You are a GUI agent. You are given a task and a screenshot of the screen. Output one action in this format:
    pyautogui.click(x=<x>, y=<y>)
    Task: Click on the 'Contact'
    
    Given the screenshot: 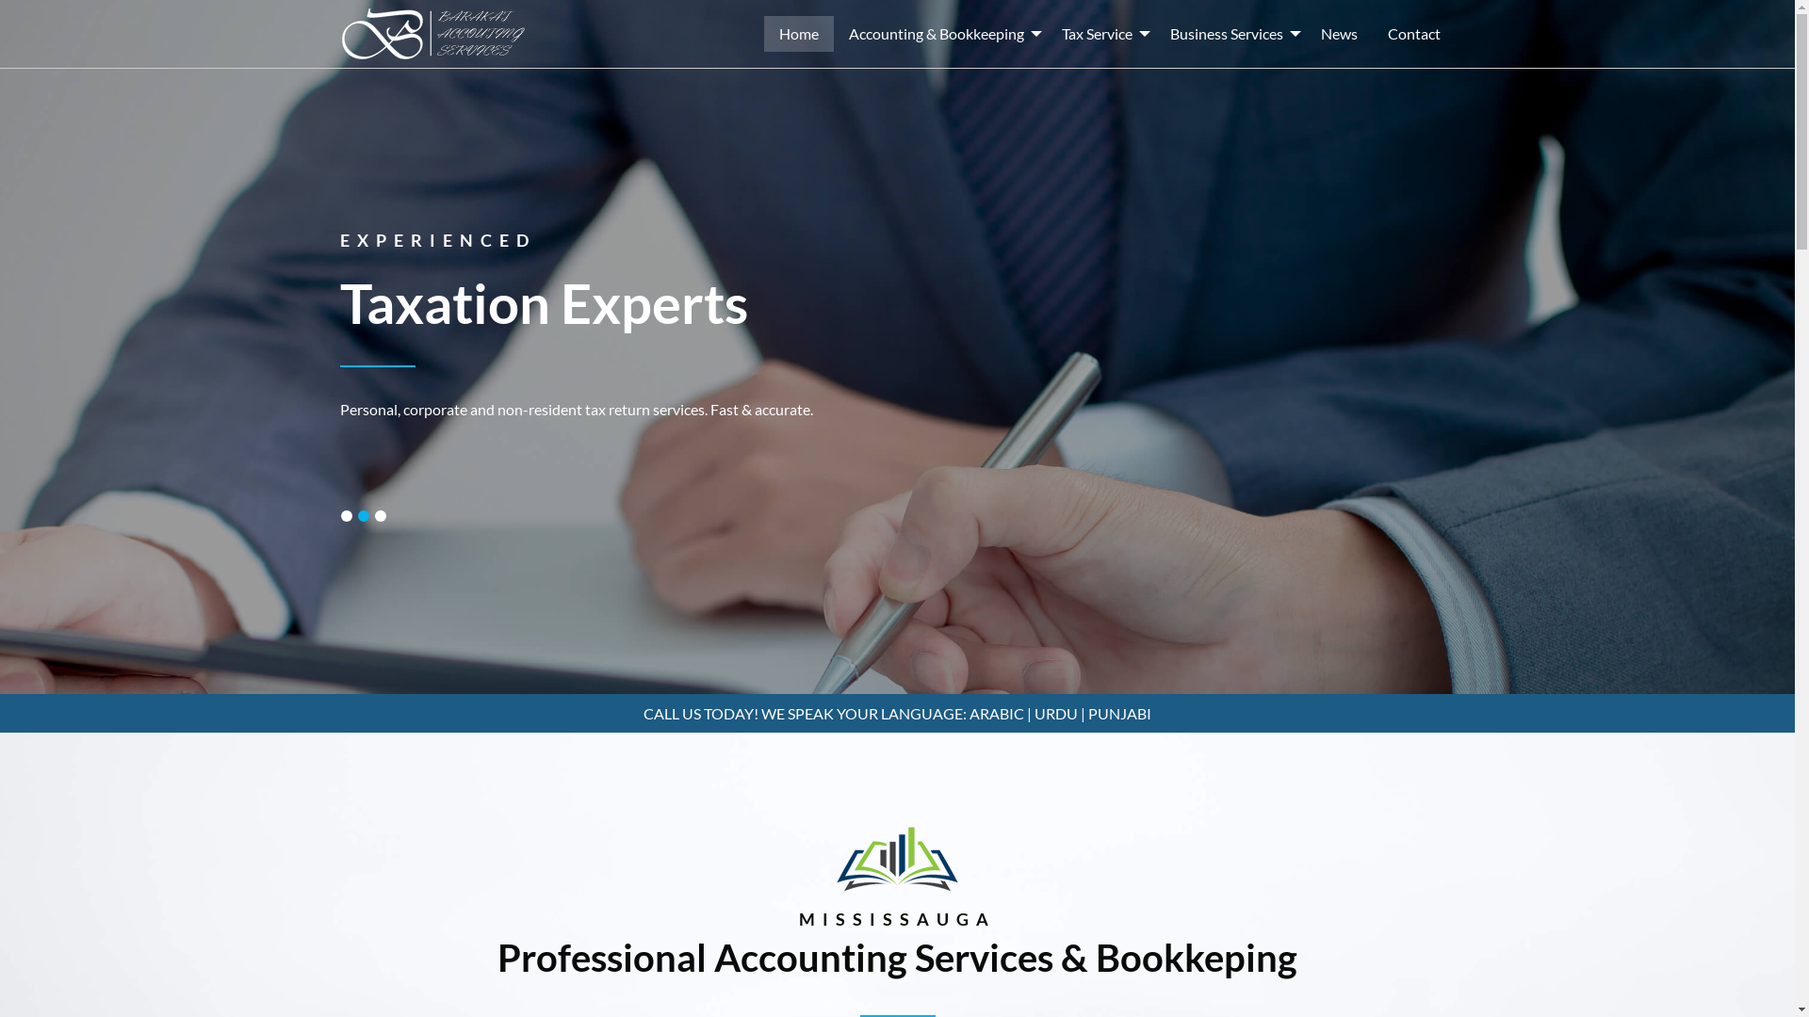 What is the action you would take?
    pyautogui.click(x=1412, y=33)
    